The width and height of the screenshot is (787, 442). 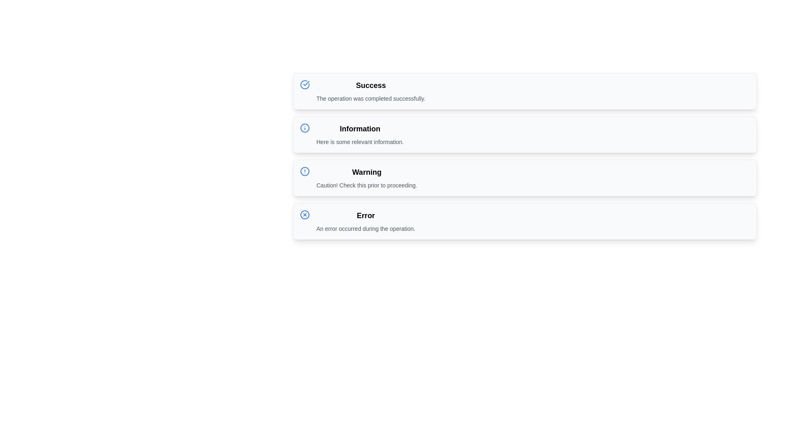 I want to click on the bold text label displaying 'Information' at the top of the notification card, so click(x=360, y=129).